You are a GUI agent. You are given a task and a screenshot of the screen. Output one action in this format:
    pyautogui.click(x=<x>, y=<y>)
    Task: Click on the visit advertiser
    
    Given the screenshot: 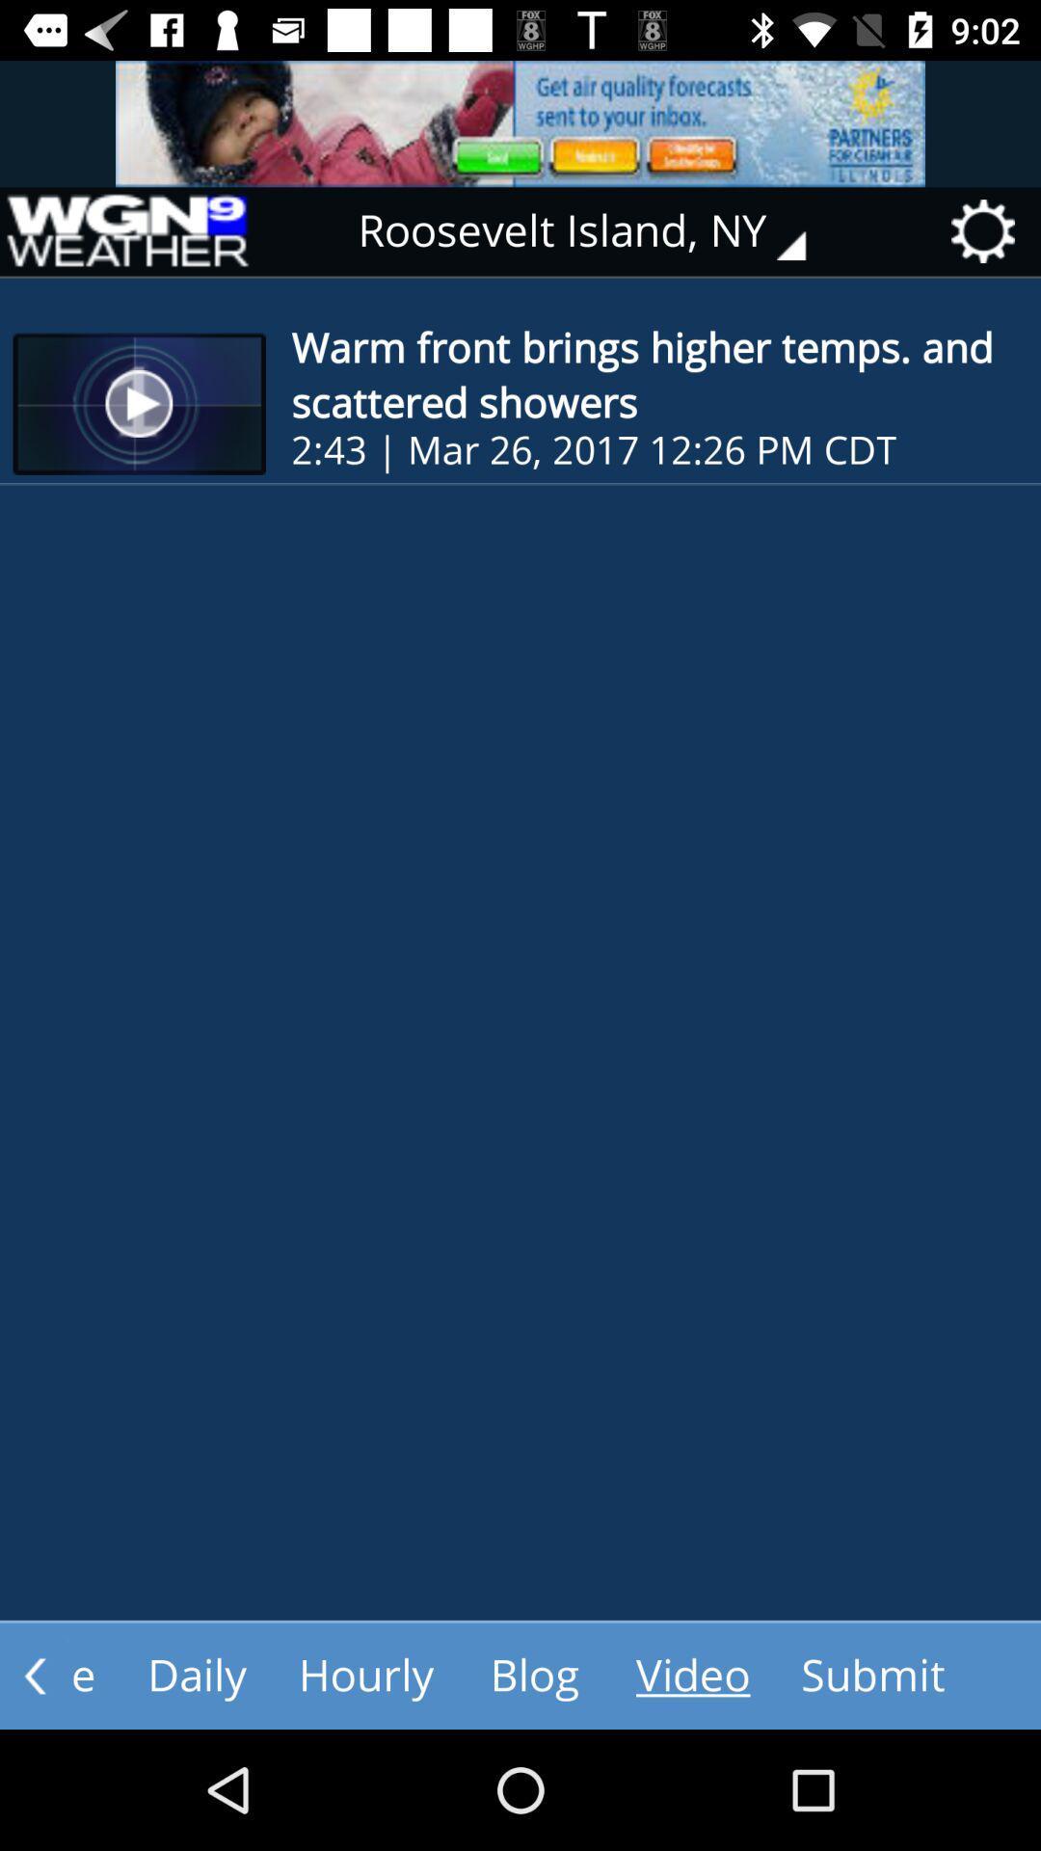 What is the action you would take?
    pyautogui.click(x=520, y=122)
    